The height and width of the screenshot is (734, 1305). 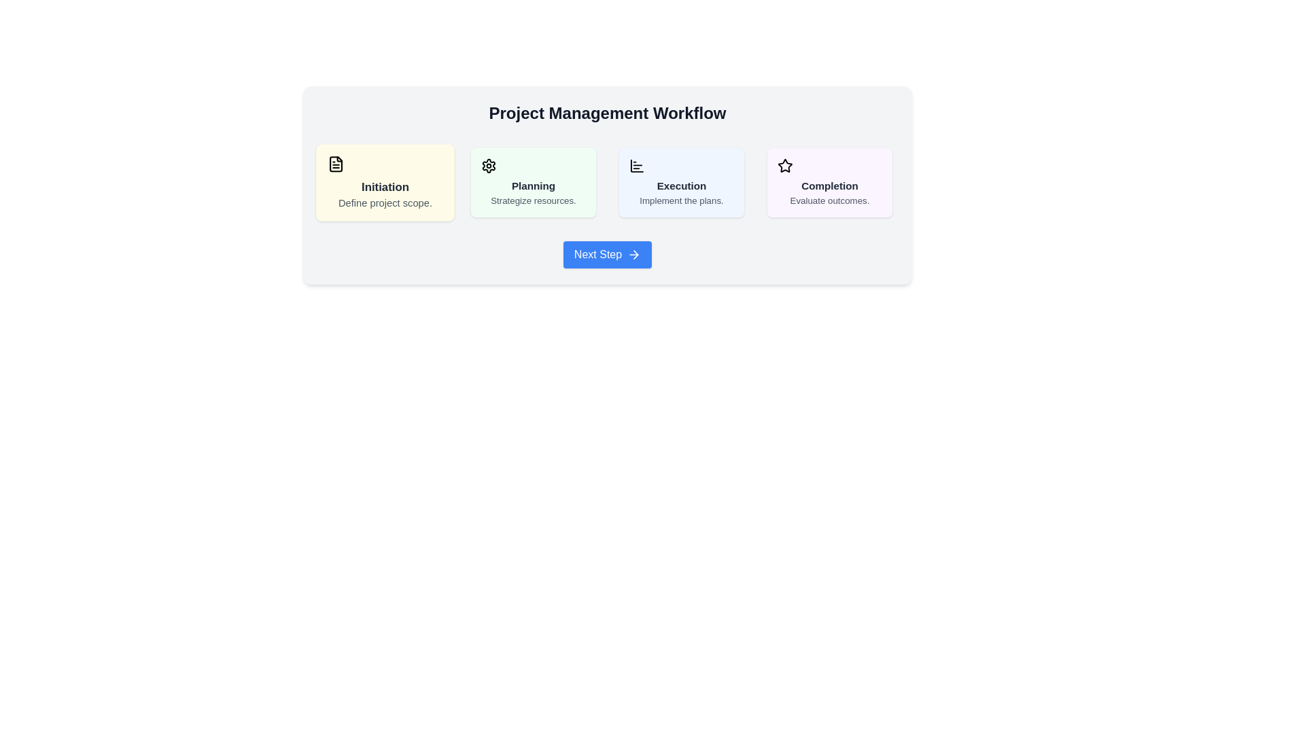 What do you see at coordinates (384, 182) in the screenshot?
I see `the 'Initiation' stage card, which is the leftmost card in a project management workflow` at bounding box center [384, 182].